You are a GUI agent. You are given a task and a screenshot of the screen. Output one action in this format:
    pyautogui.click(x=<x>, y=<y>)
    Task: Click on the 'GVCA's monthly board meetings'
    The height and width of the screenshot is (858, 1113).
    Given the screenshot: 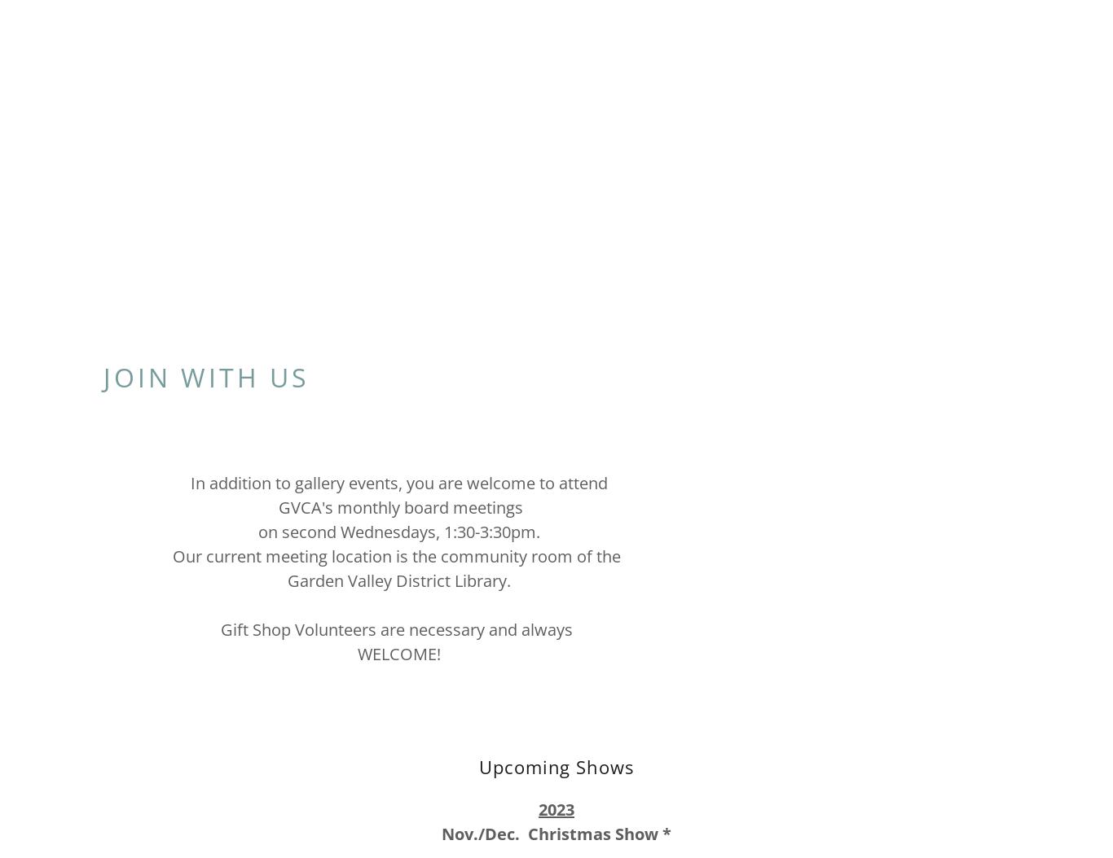 What is the action you would take?
    pyautogui.click(x=398, y=506)
    